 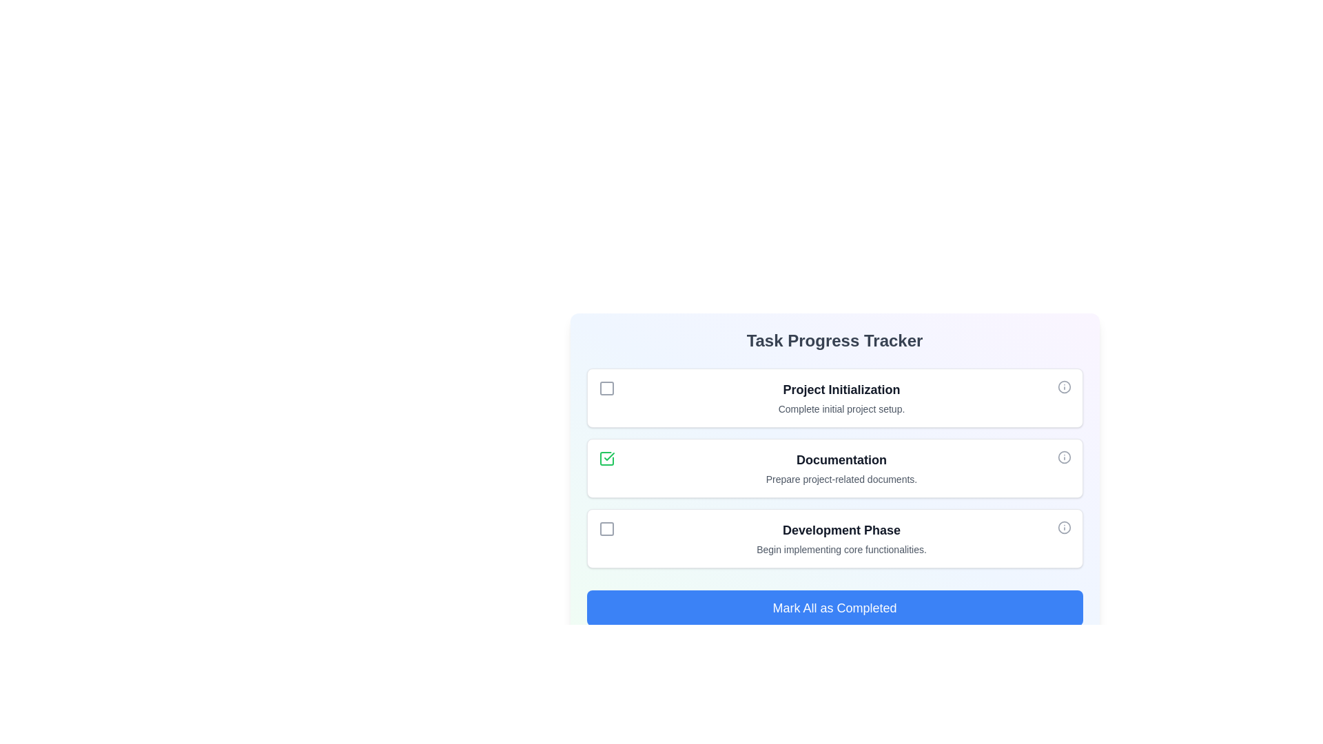 I want to click on the green square checkbox with a checkmark located to the left of the text 'Documentation', so click(x=606, y=459).